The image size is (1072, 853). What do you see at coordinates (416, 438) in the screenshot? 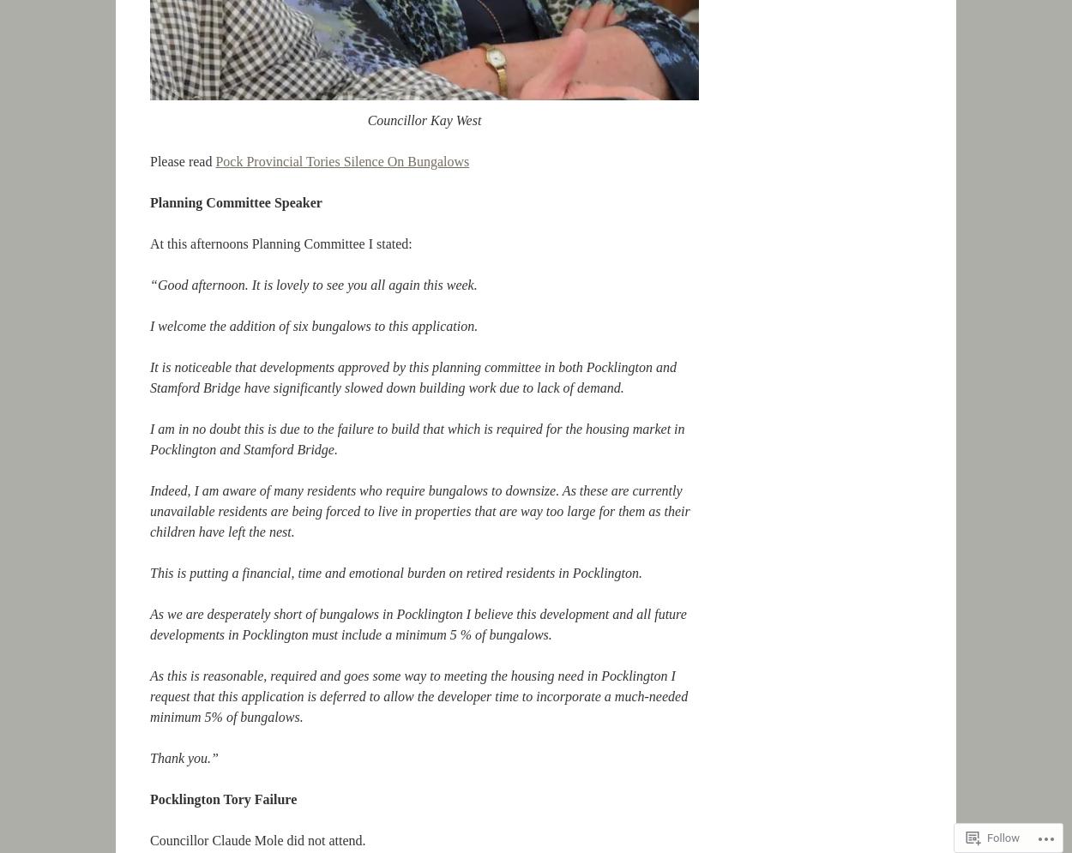
I see `'I am in no doubt this is due to the failure to build that which is required for the housing market in Pocklington and Stamford Bridge.'` at bounding box center [416, 438].